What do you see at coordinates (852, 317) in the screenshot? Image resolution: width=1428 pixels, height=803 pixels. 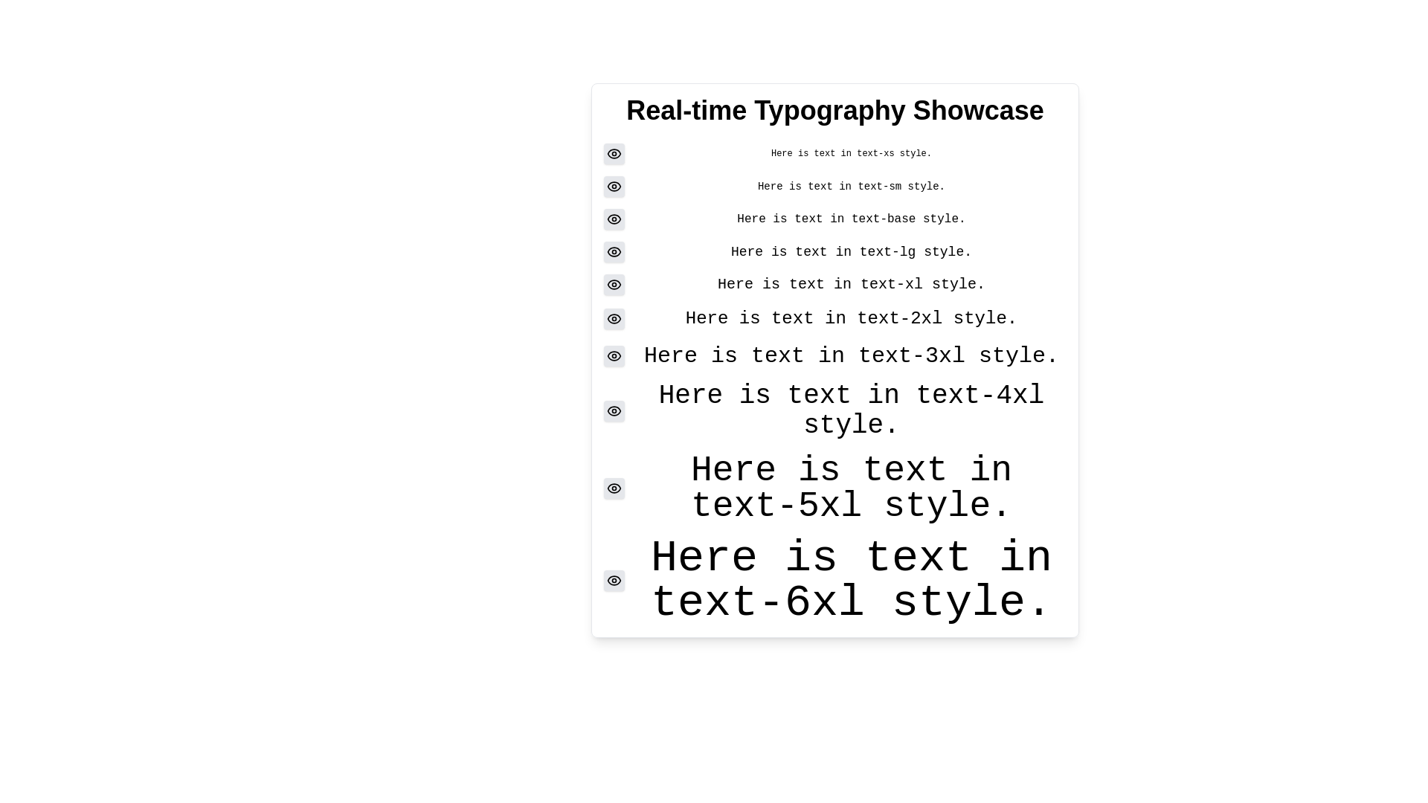 I see `the styled text element that showcases the 'text-2xl' font style, positioned centrally as the fifth sibling in a horizontal flexbox layout` at bounding box center [852, 317].